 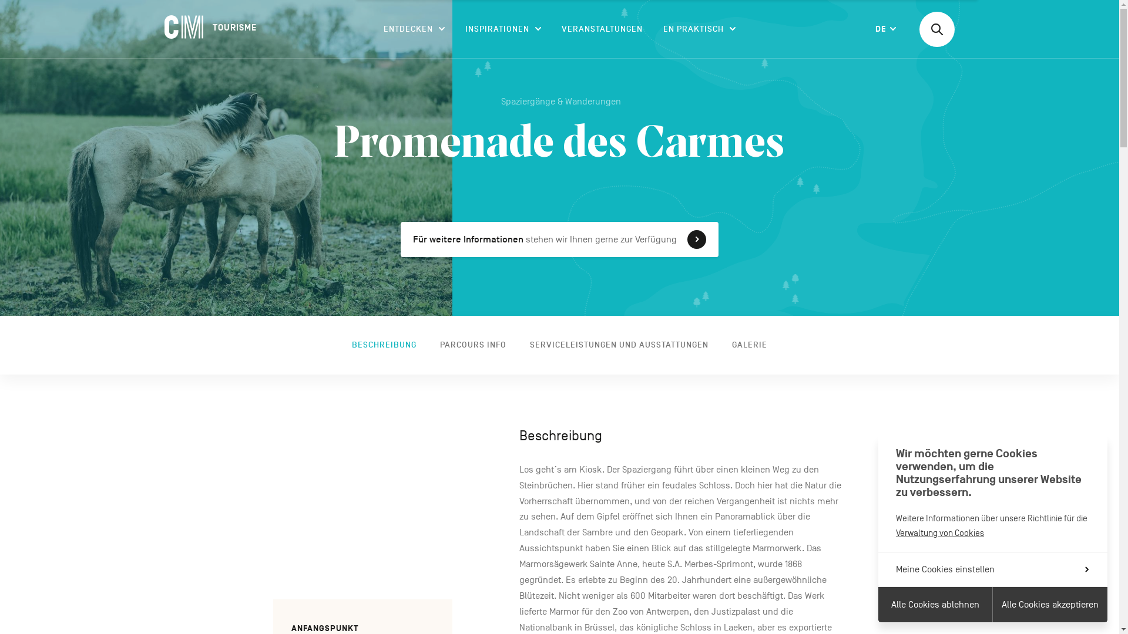 What do you see at coordinates (619, 344) in the screenshot?
I see `'SERVICELEISTUNGEN UND AUSSTATTUNGEN'` at bounding box center [619, 344].